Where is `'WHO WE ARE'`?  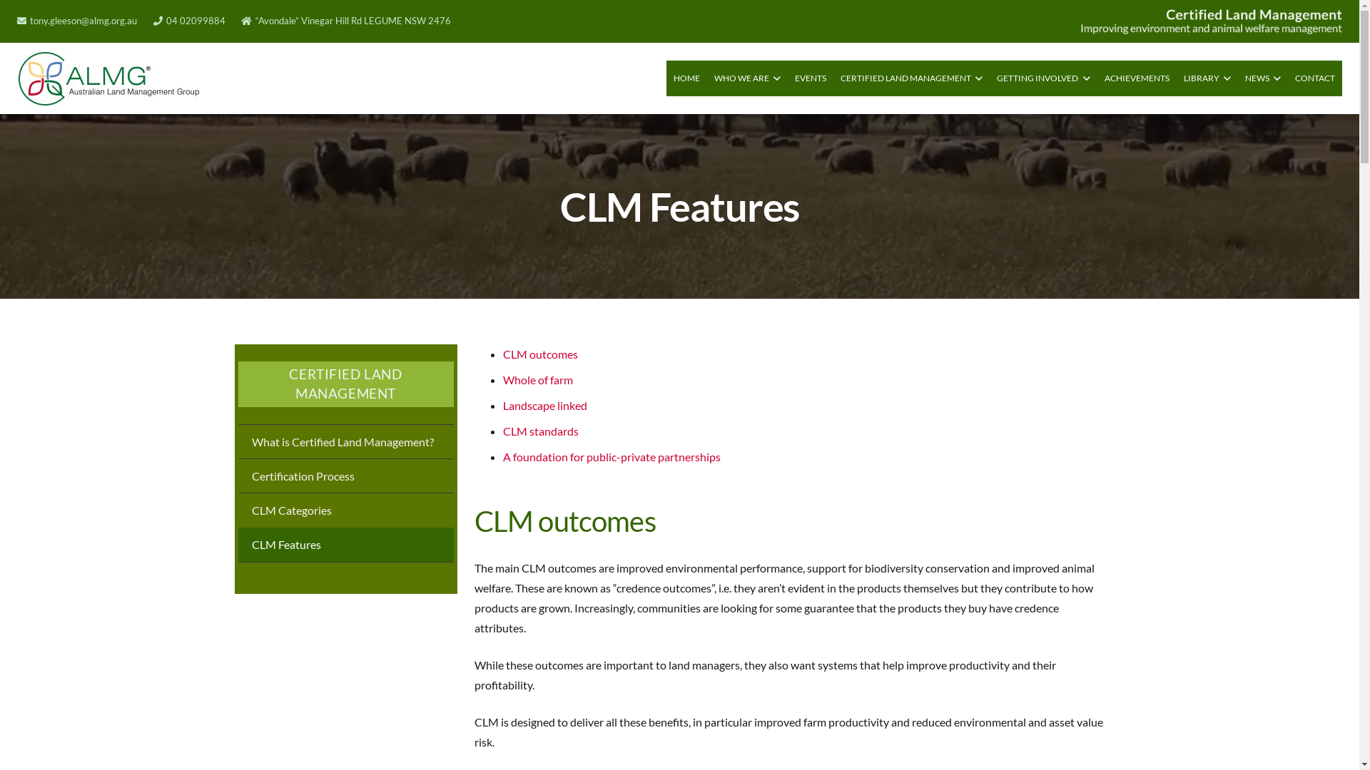
'WHO WE ARE' is located at coordinates (746, 78).